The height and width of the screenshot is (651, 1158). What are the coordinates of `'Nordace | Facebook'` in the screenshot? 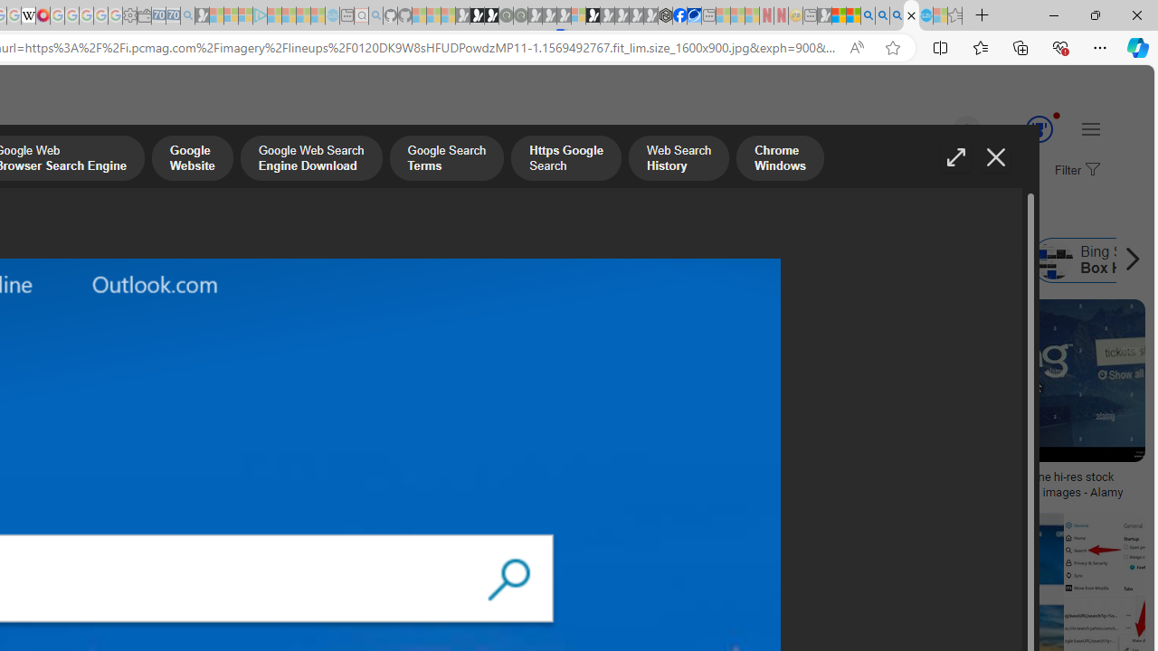 It's located at (679, 15).